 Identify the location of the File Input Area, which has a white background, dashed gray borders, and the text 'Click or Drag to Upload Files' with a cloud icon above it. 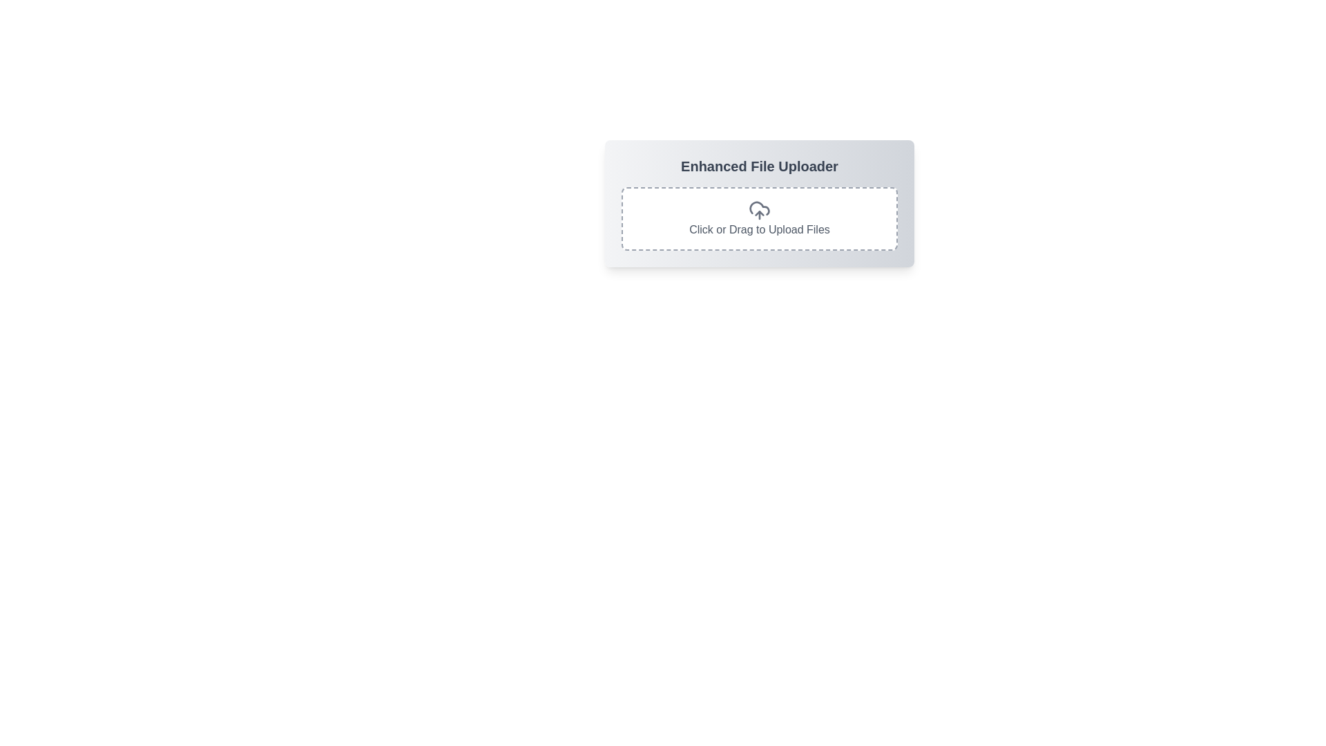
(758, 218).